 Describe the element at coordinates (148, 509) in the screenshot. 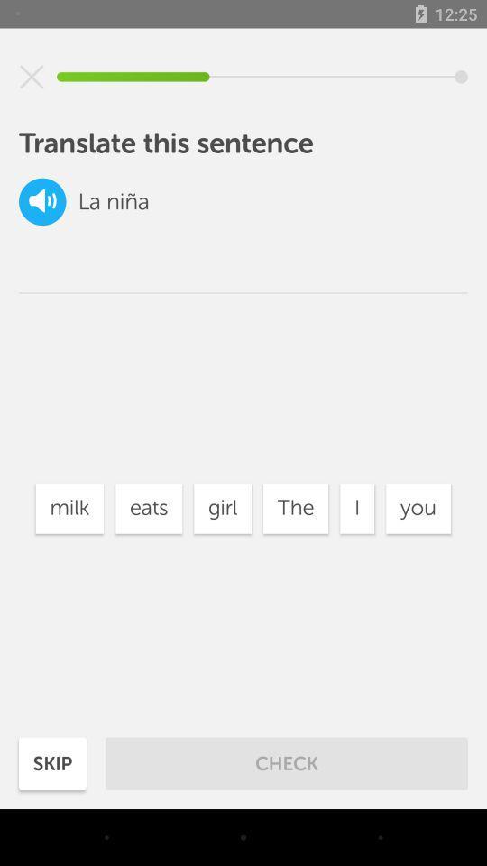

I see `the eats item` at that location.